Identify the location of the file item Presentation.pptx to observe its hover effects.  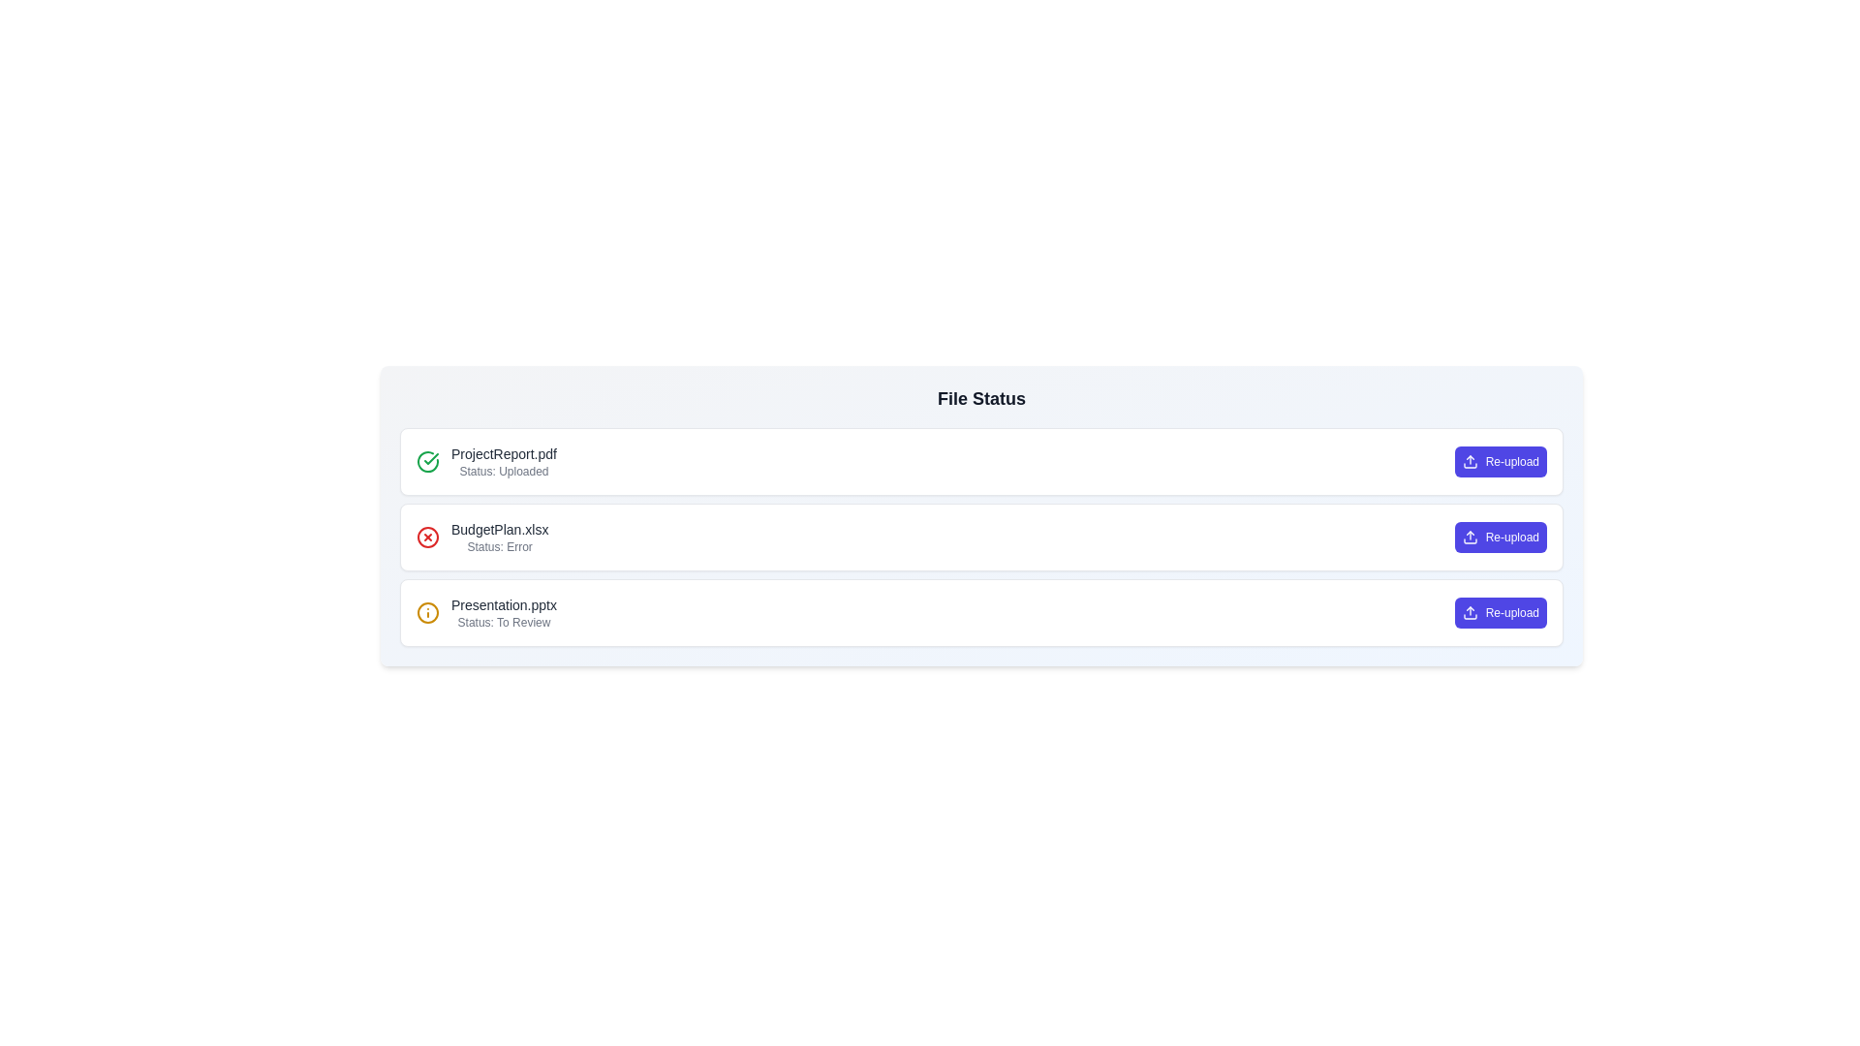
(981, 612).